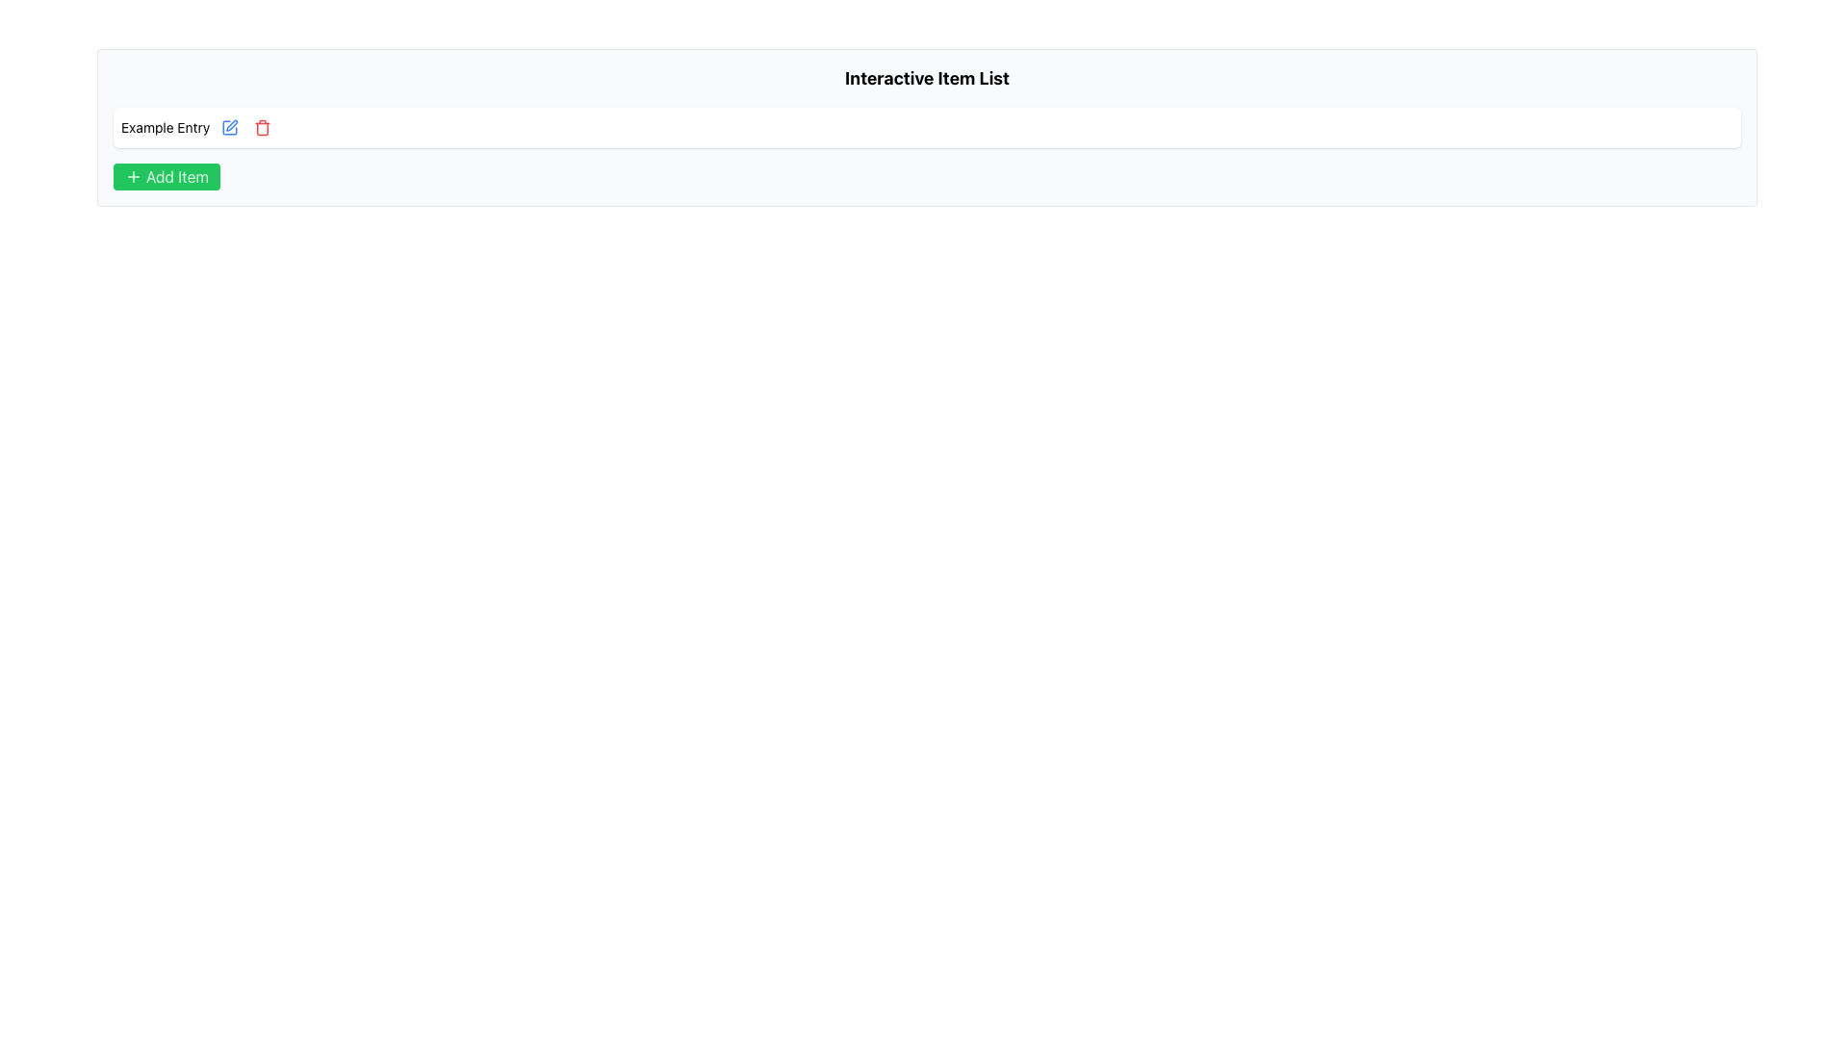 This screenshot has width=1848, height=1039. I want to click on the Edit button icon, which resembles a blue pen on a square, located in the action bar, so click(230, 127).